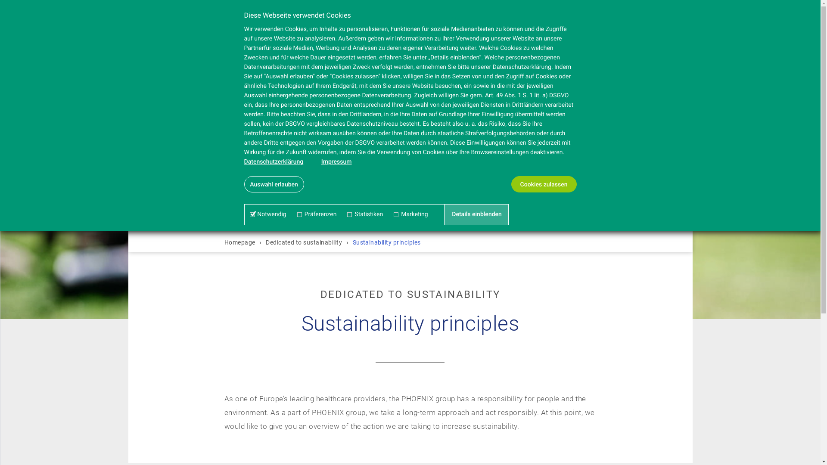  I want to click on 'Homepage', so click(241, 242).